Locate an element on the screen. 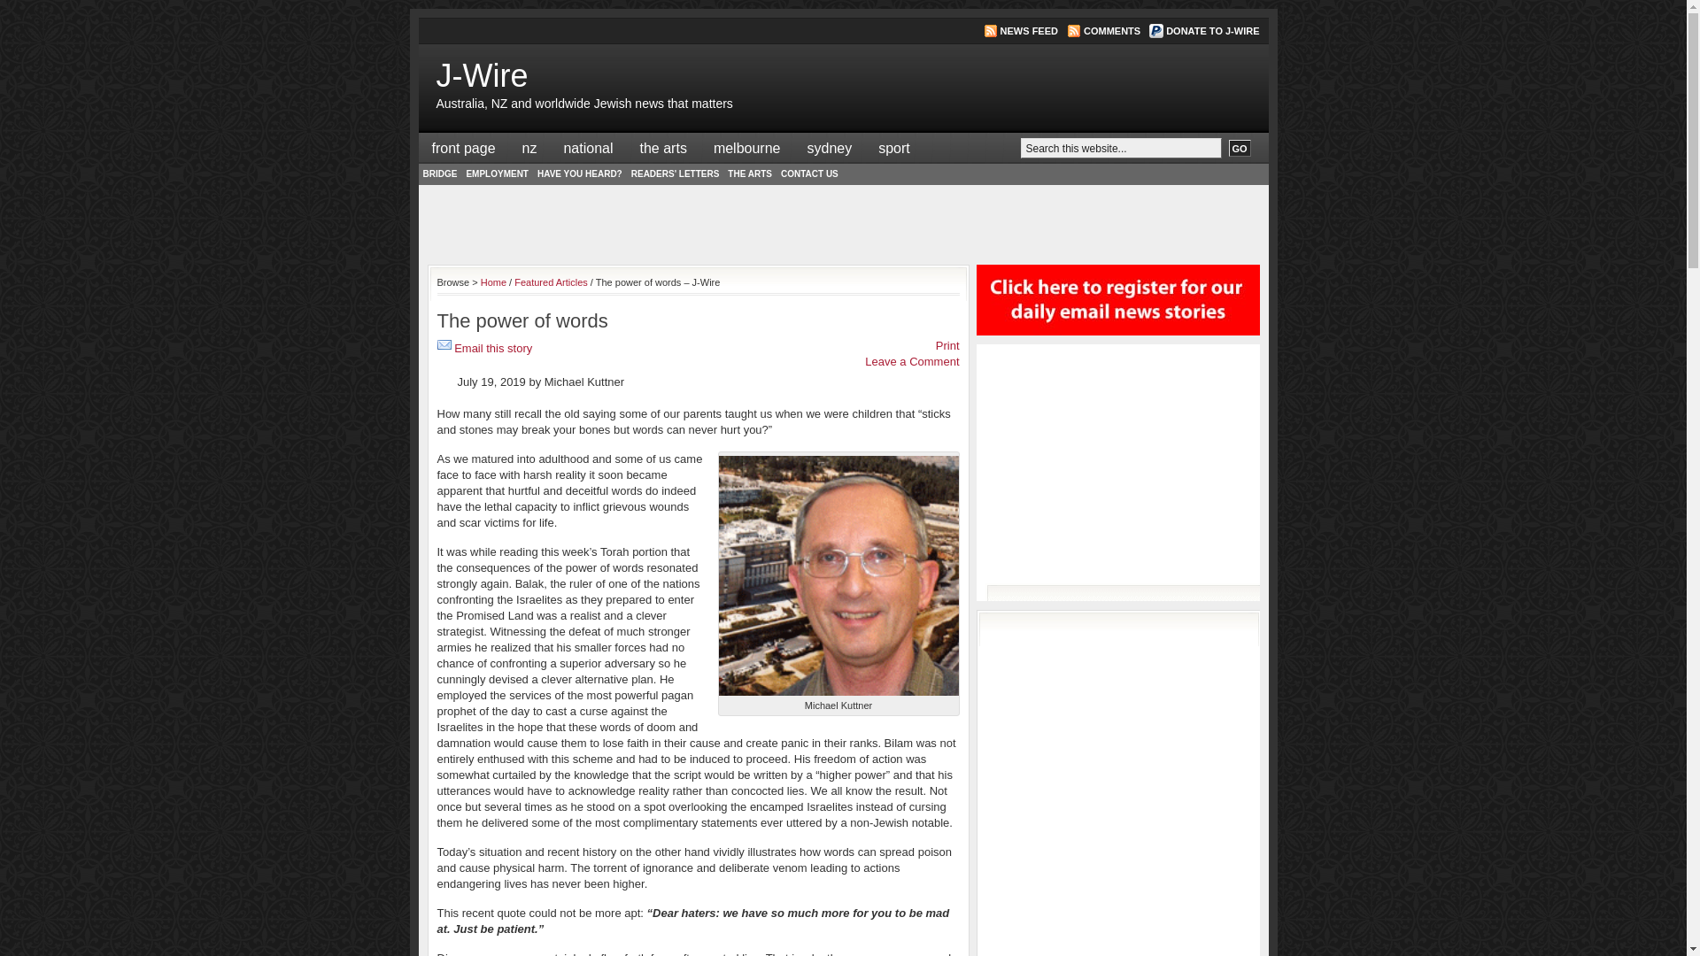  'Email this story' is located at coordinates (444, 344).